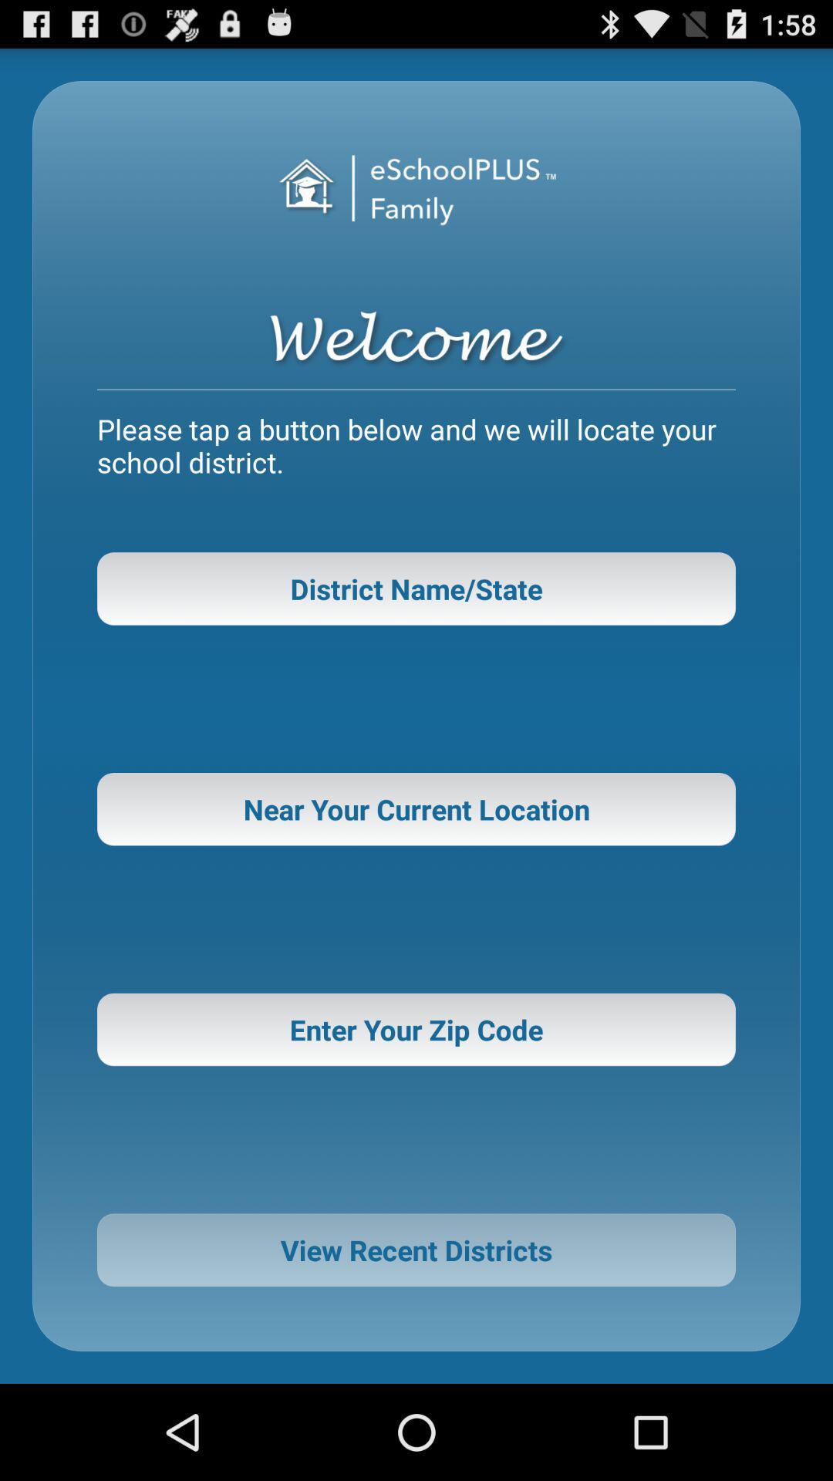  I want to click on icon below enter your zip button, so click(416, 1250).